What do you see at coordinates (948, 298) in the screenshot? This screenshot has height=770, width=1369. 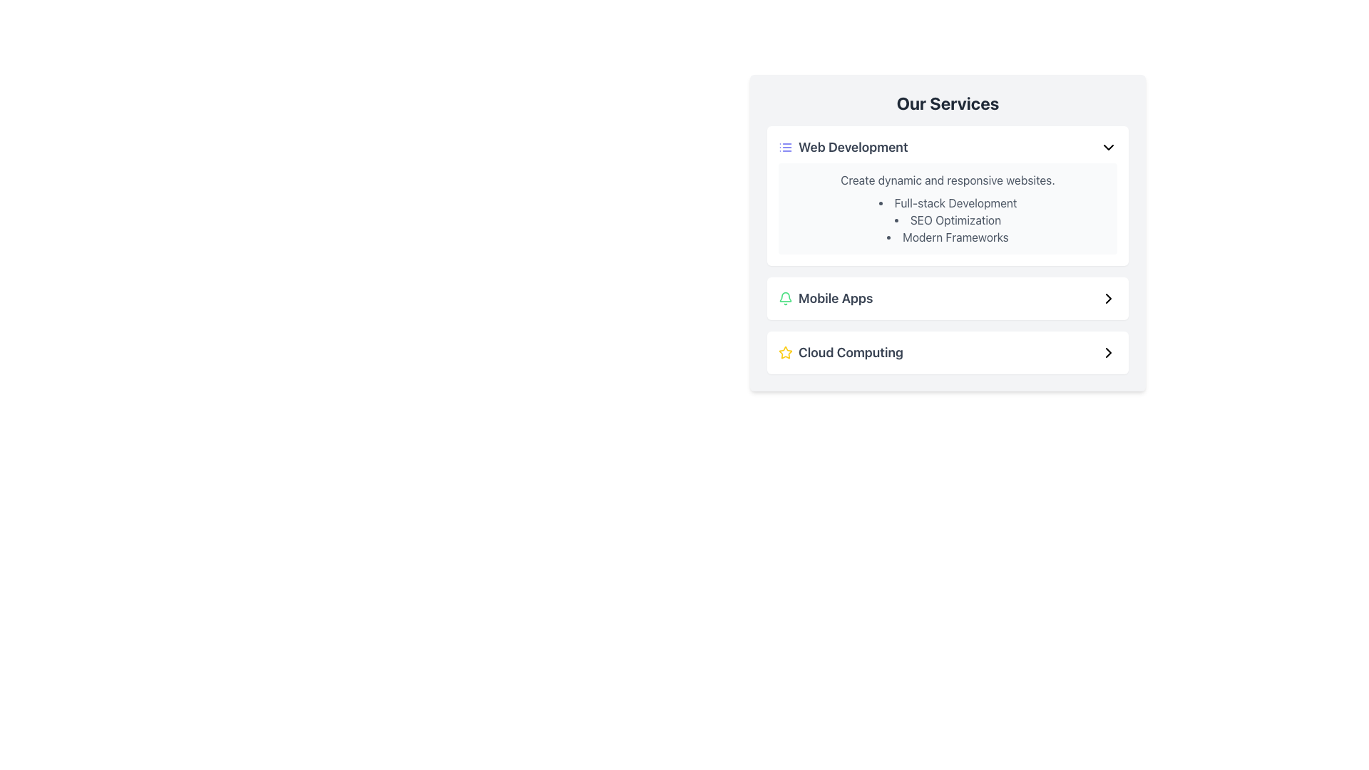 I see `the second button in the 'Our Services' section that leads to details about mobile apps` at bounding box center [948, 298].